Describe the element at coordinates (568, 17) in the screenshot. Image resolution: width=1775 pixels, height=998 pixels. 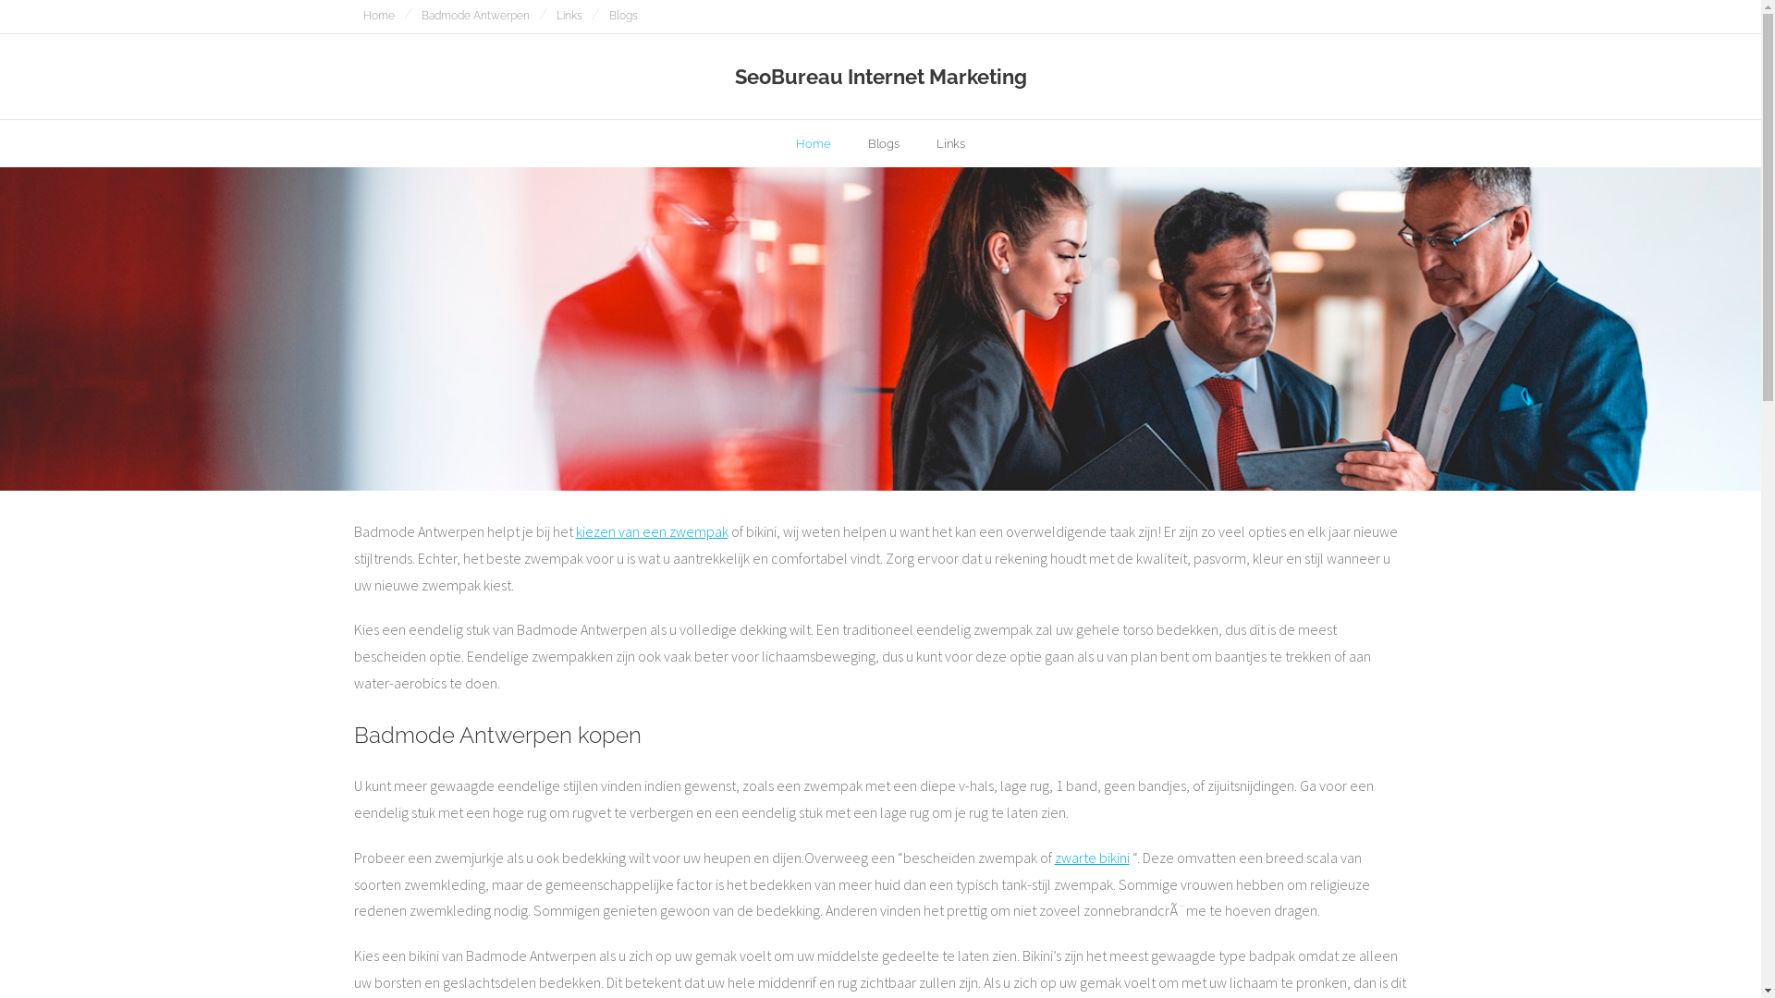
I see `'Links'` at that location.